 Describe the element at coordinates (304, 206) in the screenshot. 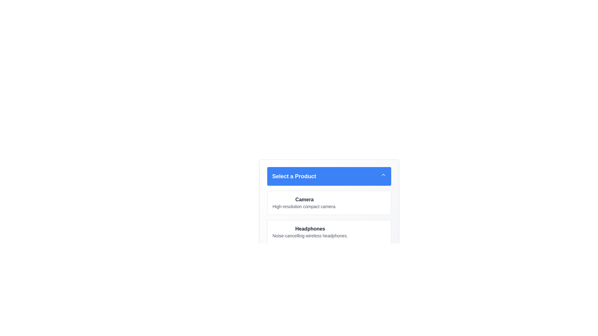

I see `the text label that reads 'High-resolution compact camera.' located below the 'Camera' label in the dropdown section under 'Select a Product.'` at that location.